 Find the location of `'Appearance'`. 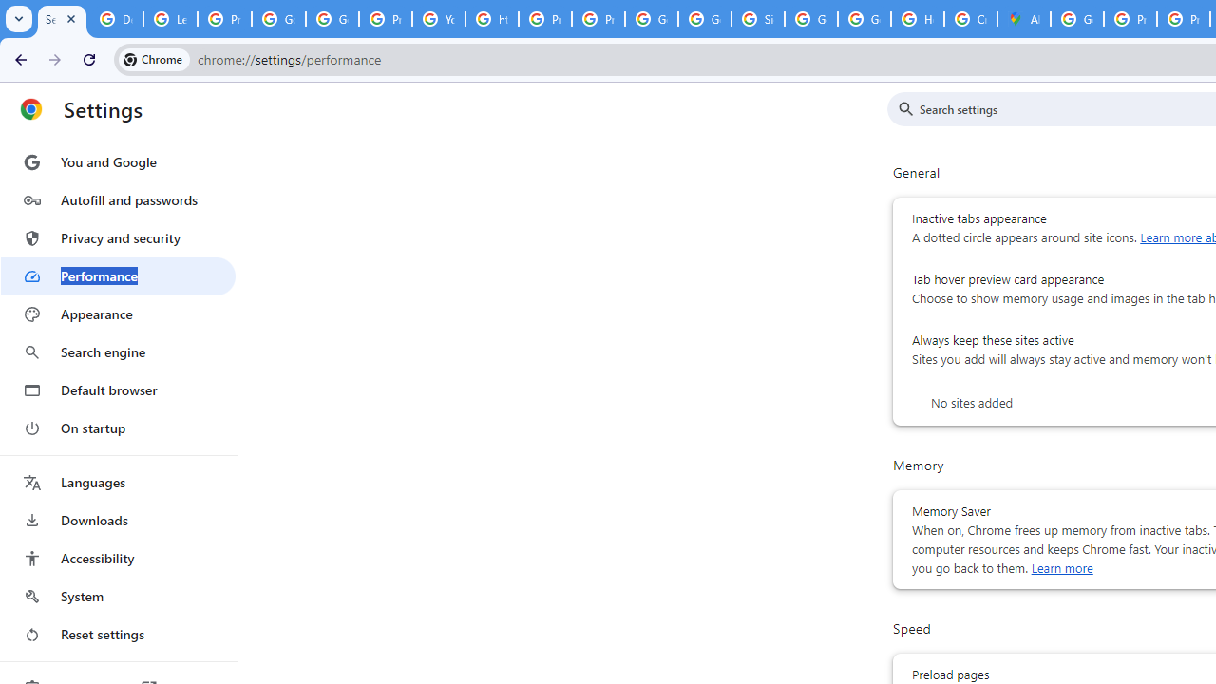

'Appearance' is located at coordinates (117, 313).